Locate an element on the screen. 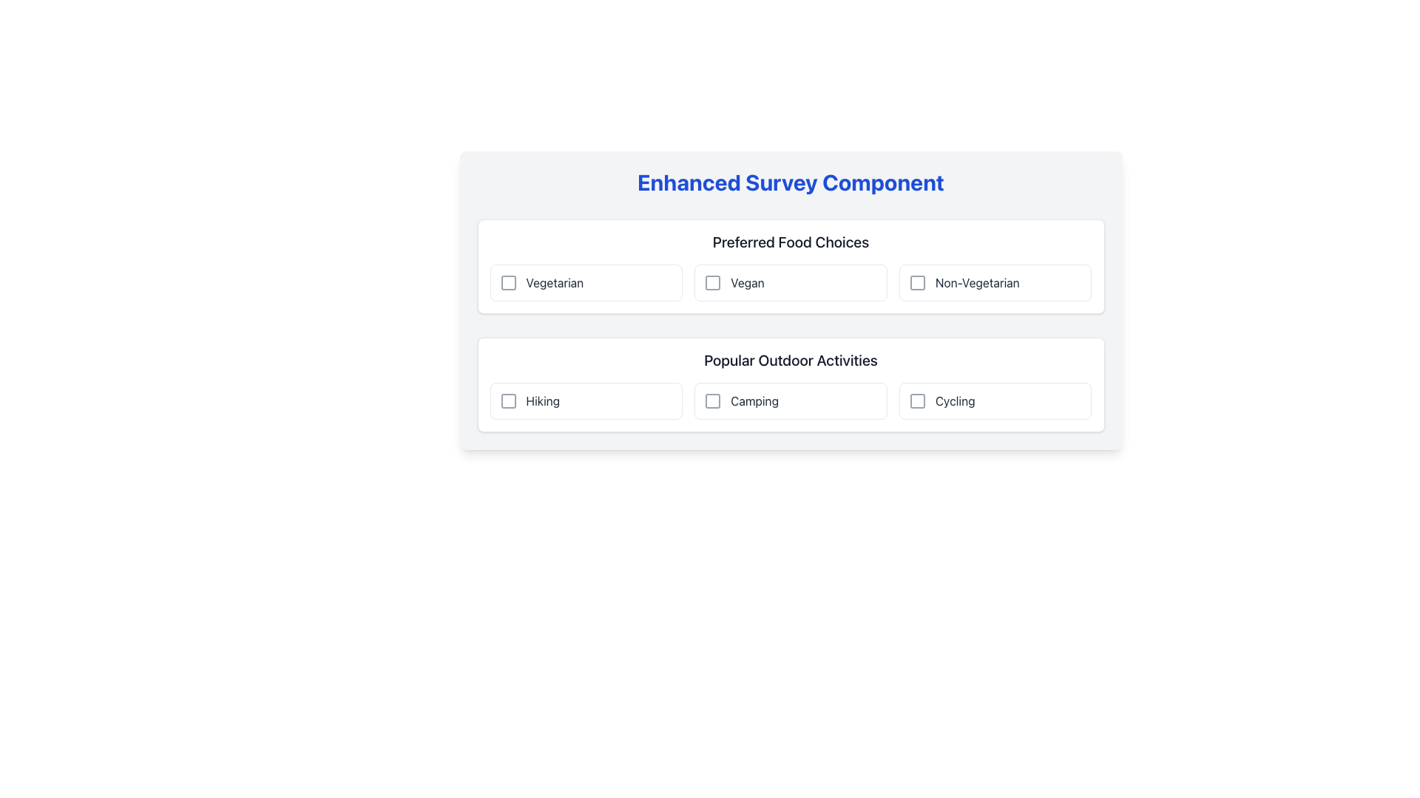 This screenshot has width=1420, height=798. the 'Vegan' label element, which is styled with gray text and is part of the 'Preferred Food Choices' group, located between 'Vegetarian' and 'Non-Vegetarian' is located at coordinates (747, 282).